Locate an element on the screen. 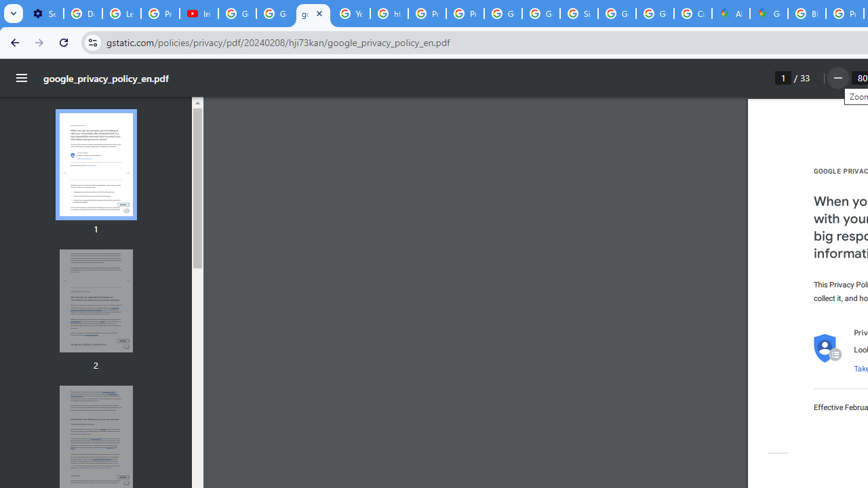 The image size is (868, 488). 'google_privacy_policy_en.pdf' is located at coordinates (313, 14).